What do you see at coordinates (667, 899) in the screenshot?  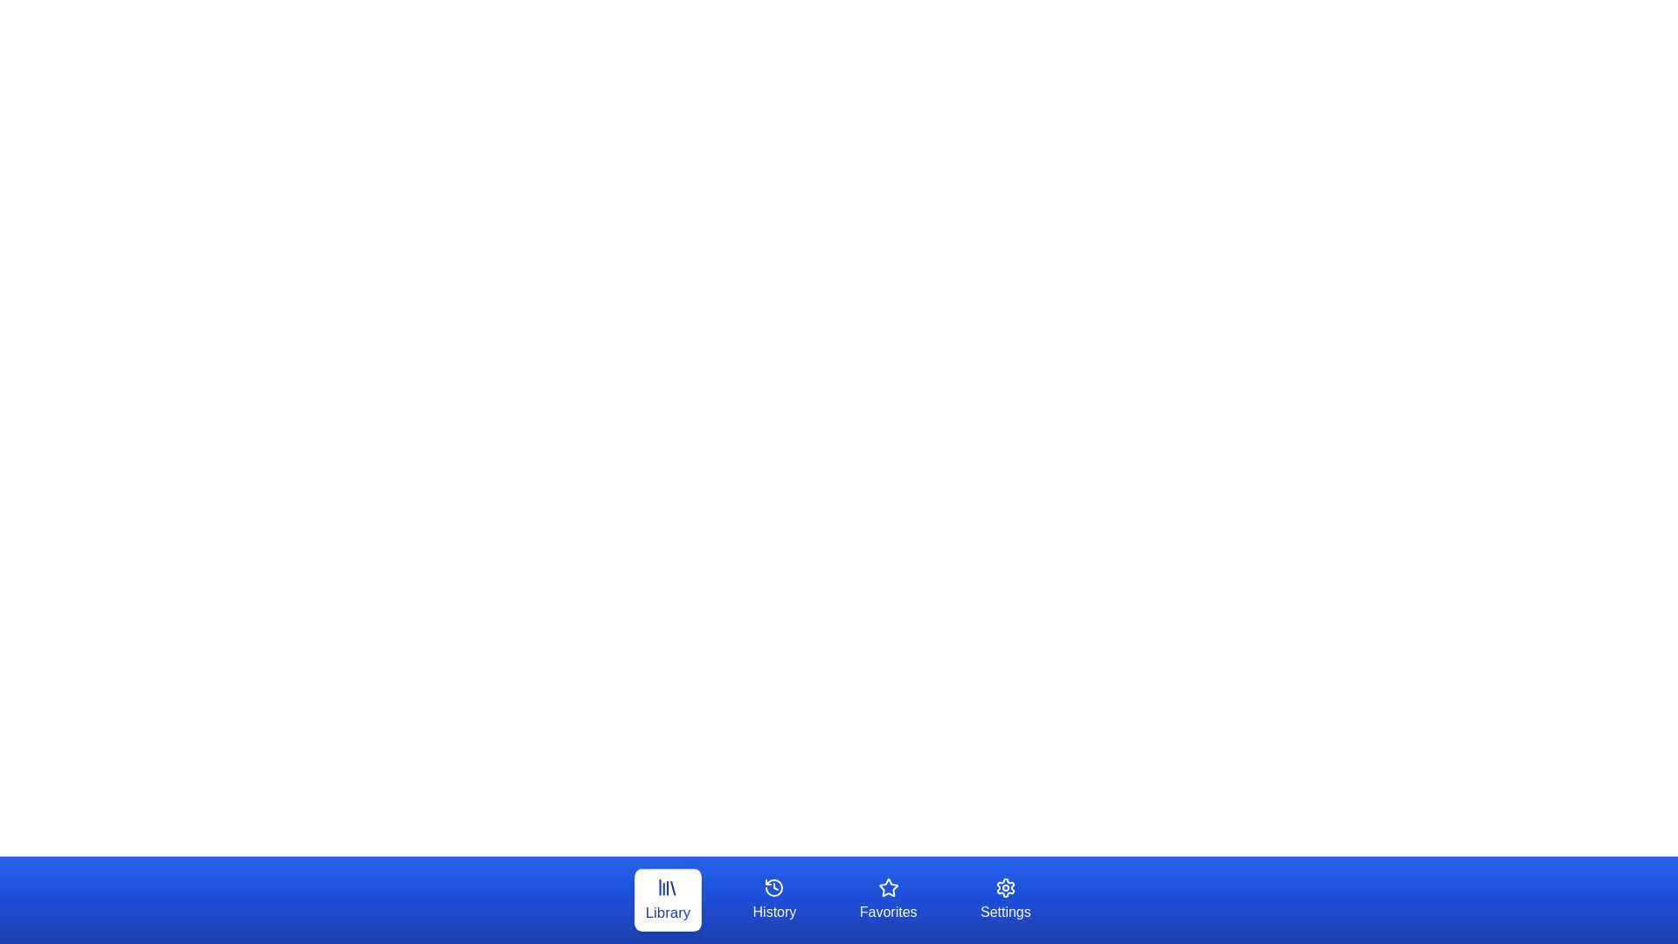 I see `the tab labeled Library` at bounding box center [667, 899].